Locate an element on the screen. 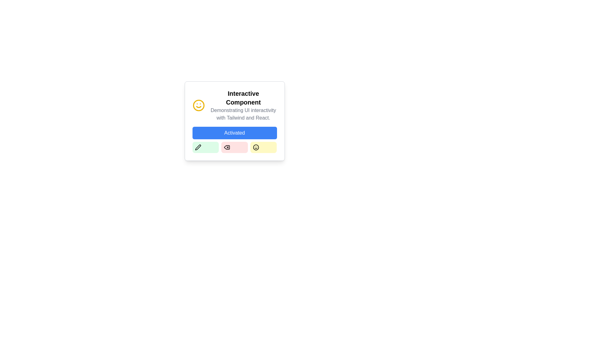 The width and height of the screenshot is (601, 338). text block displaying the message 'Demonstrating UI interactivity with Tailwind and React.' which appears below the heading 'Interactive Component' in a card-like component is located at coordinates (243, 114).